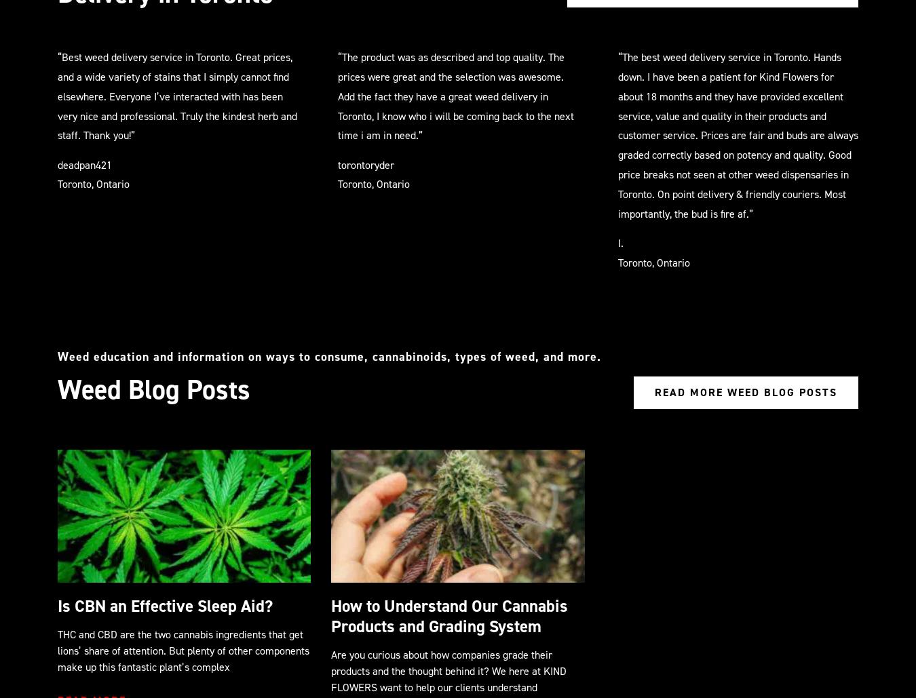 This screenshot has width=916, height=698. What do you see at coordinates (183, 650) in the screenshot?
I see `'THC and CBD are the two cannabis ingredients that get lions’ share of attention. But plenty of other components make up this fantastic plant’s complex'` at bounding box center [183, 650].